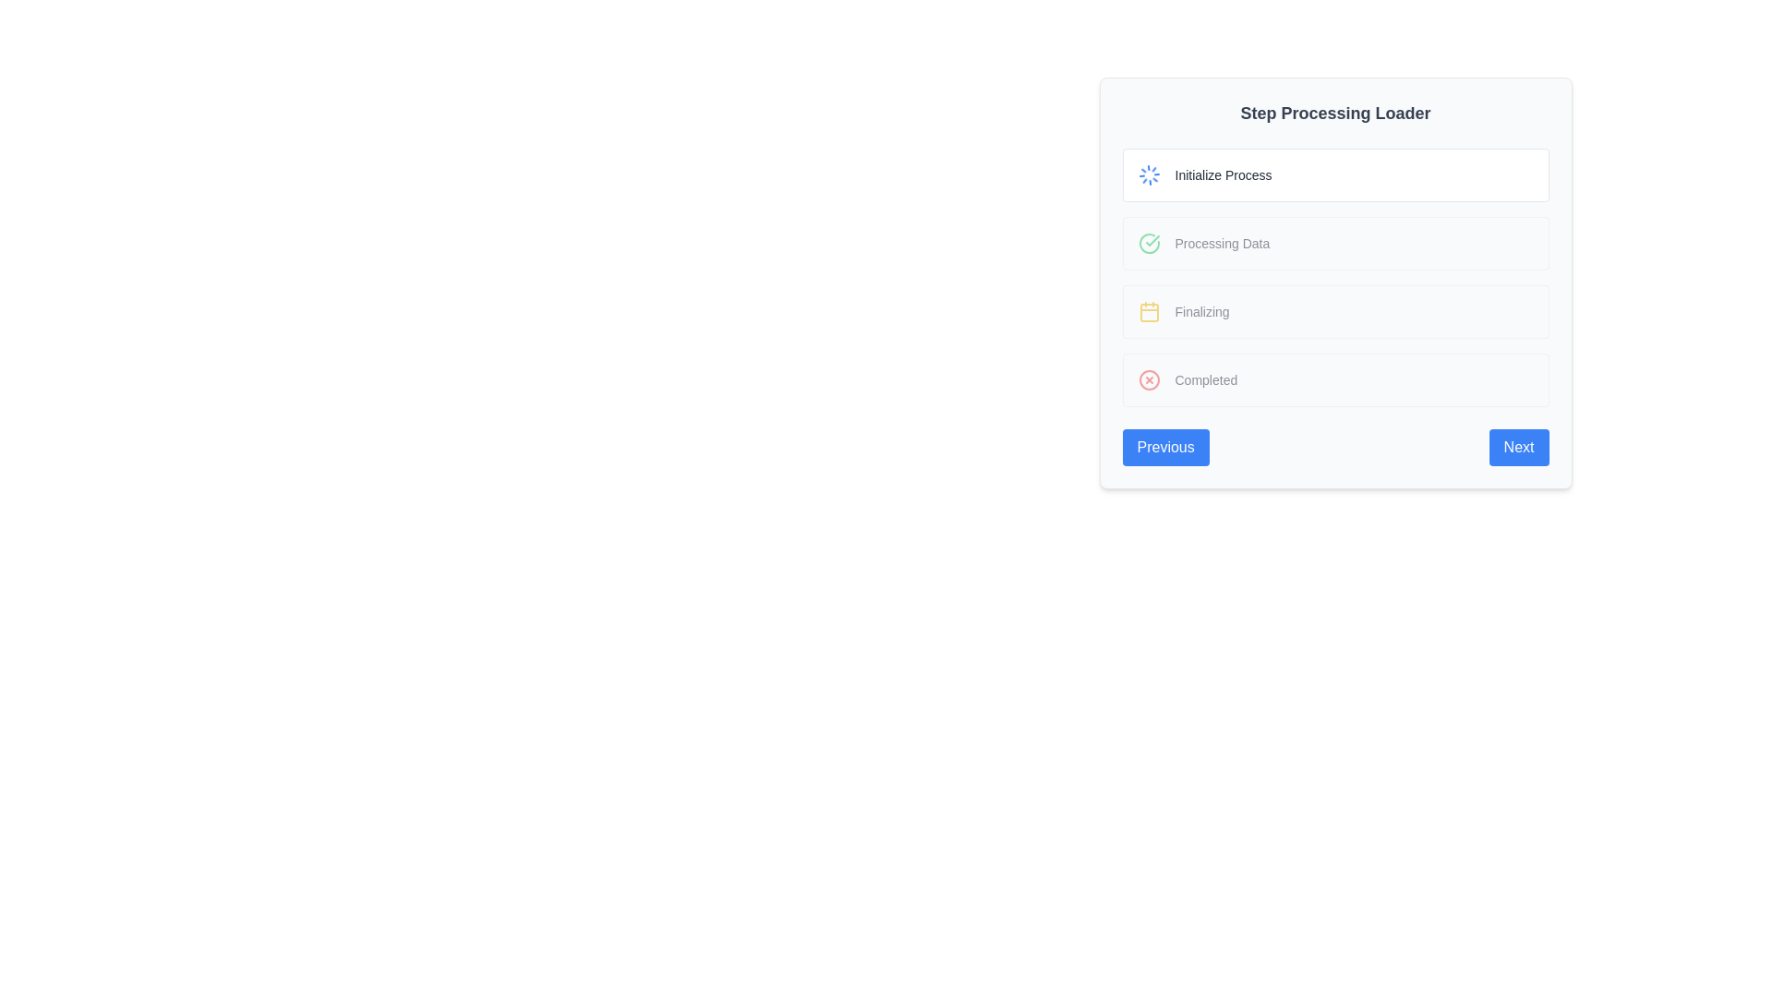  I want to click on the navigation button located at the bottom-left of the 'Step Processing Loader' dialog box, so click(1164, 448).